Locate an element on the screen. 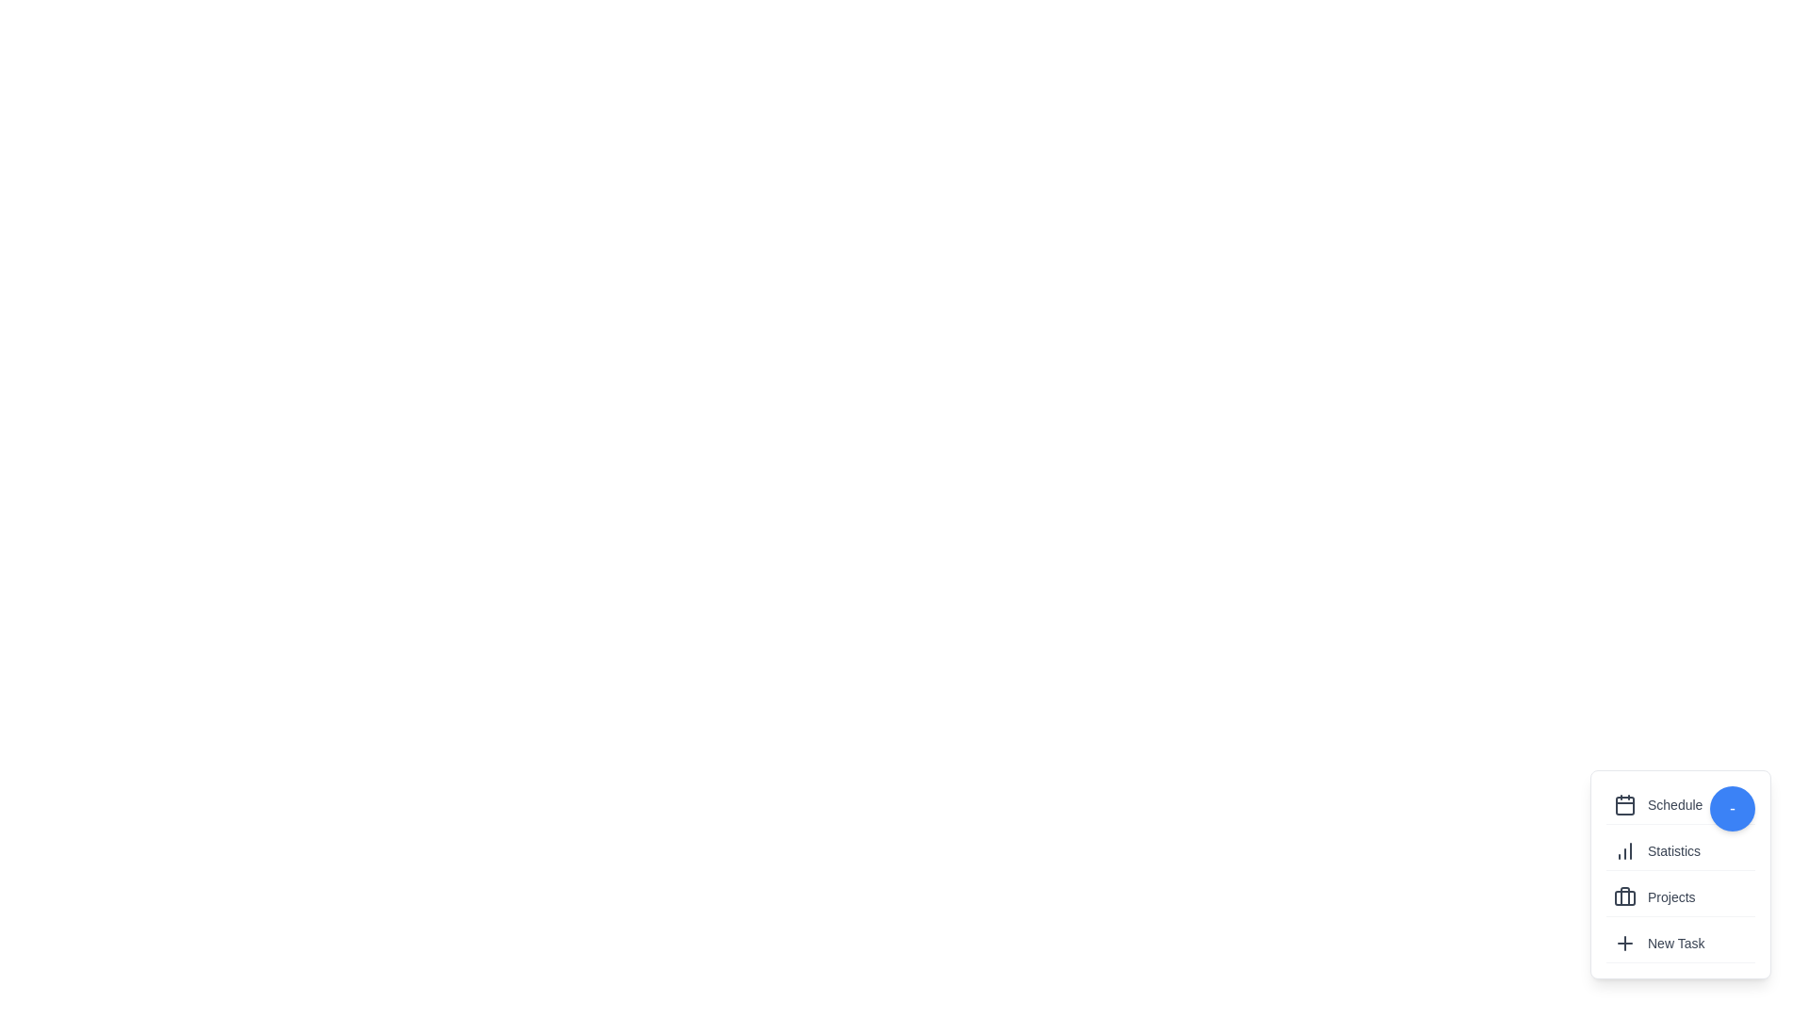 This screenshot has height=1017, width=1809. the text label displaying 'Projects', which is part of a vertically arranged menu and positioned between 'Statistics' and 'New Task' is located at coordinates (1671, 896).